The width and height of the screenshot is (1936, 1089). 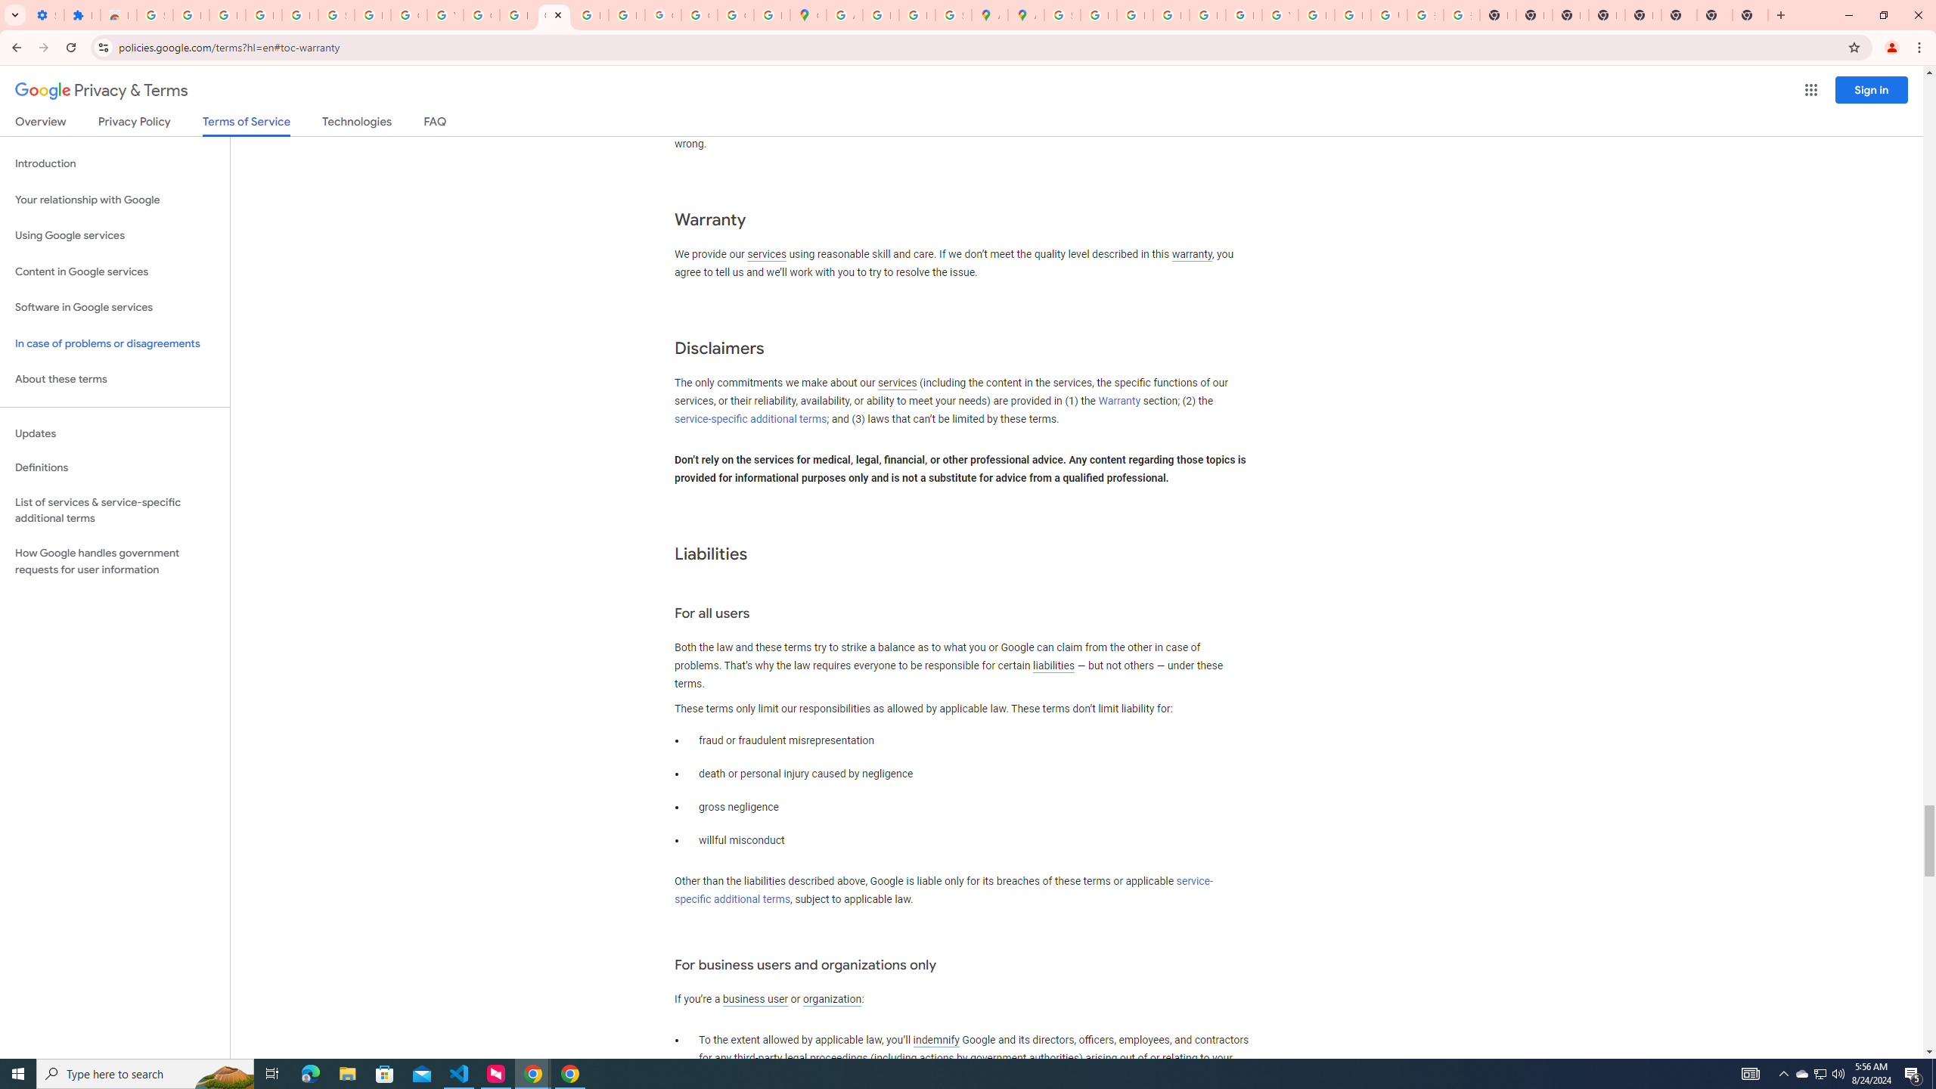 I want to click on 'Google Maps', so click(x=808, y=14).